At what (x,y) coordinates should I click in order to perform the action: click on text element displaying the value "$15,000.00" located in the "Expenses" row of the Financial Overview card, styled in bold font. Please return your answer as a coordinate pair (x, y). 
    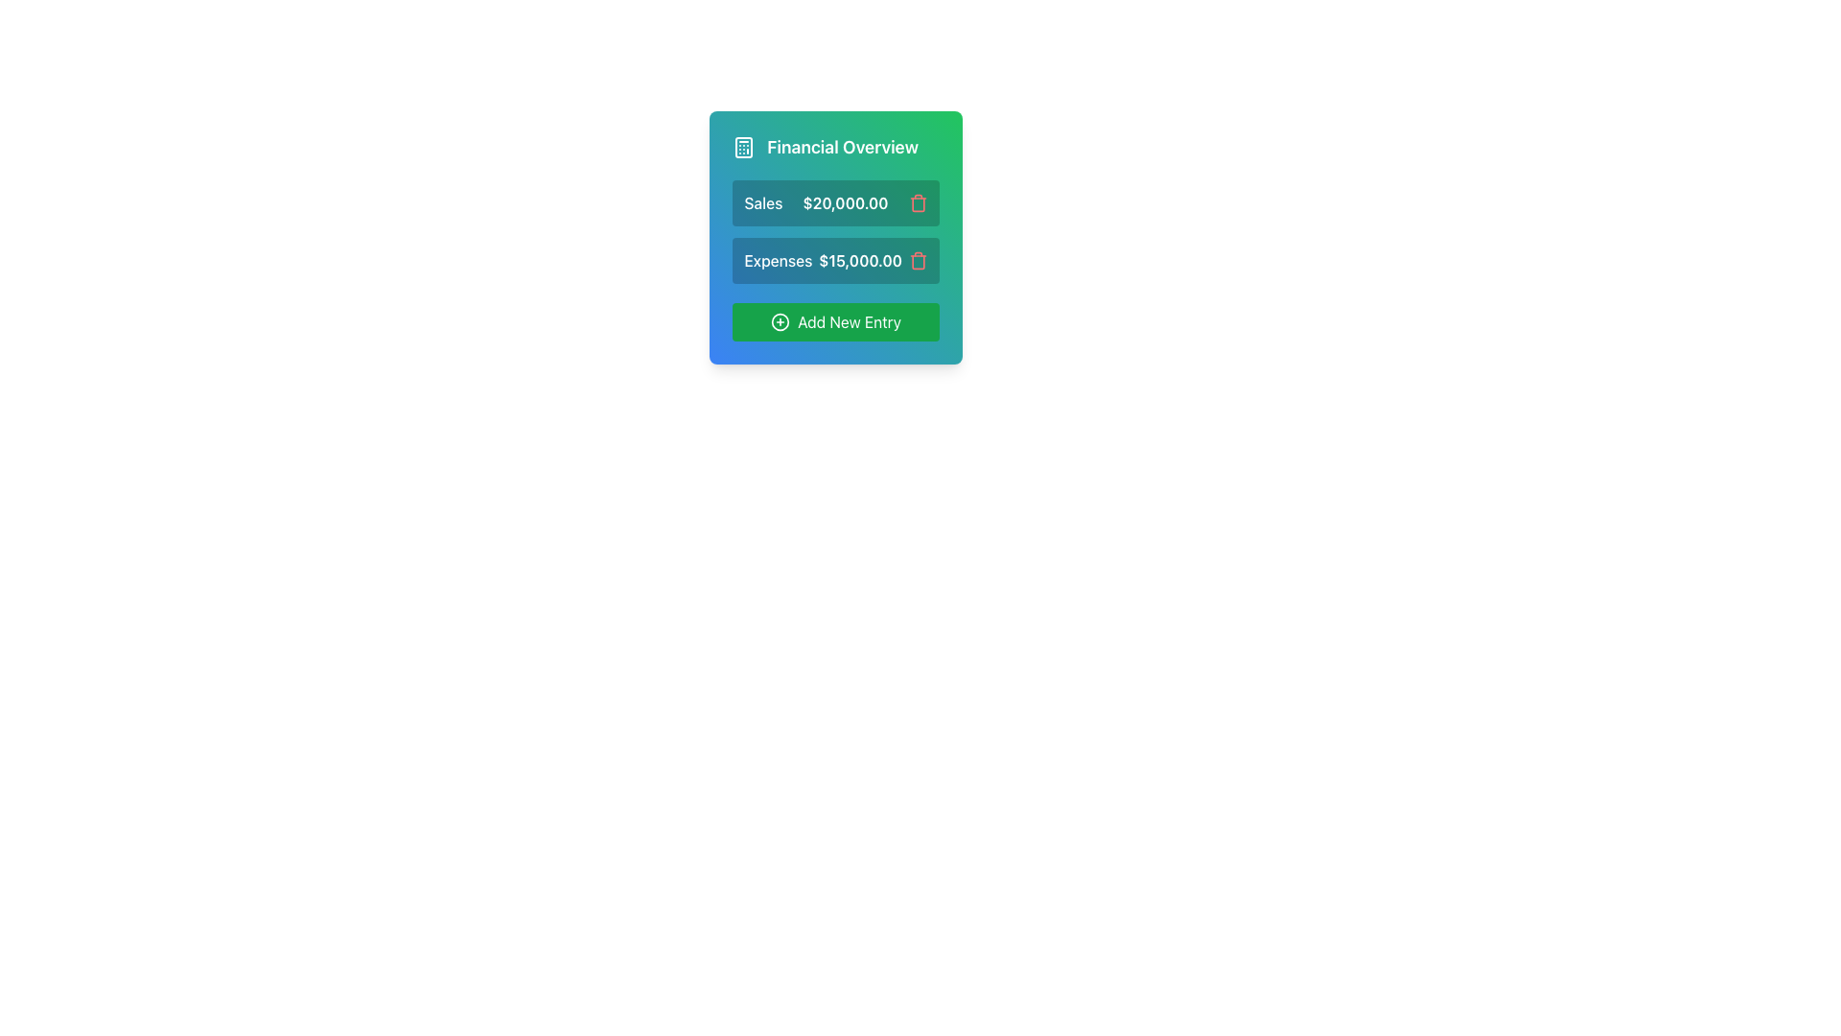
    Looking at the image, I should click on (859, 261).